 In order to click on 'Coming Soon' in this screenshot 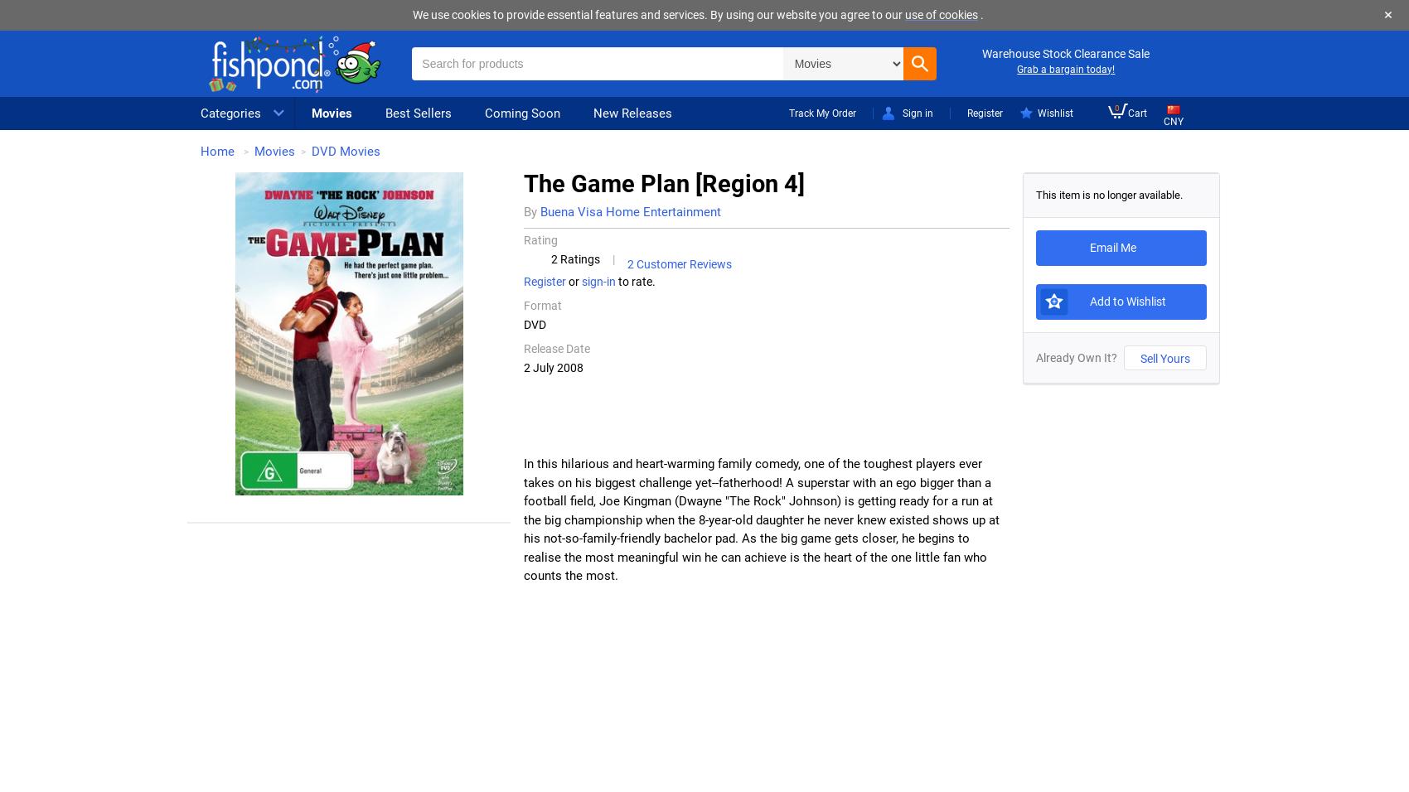, I will do `click(521, 113)`.